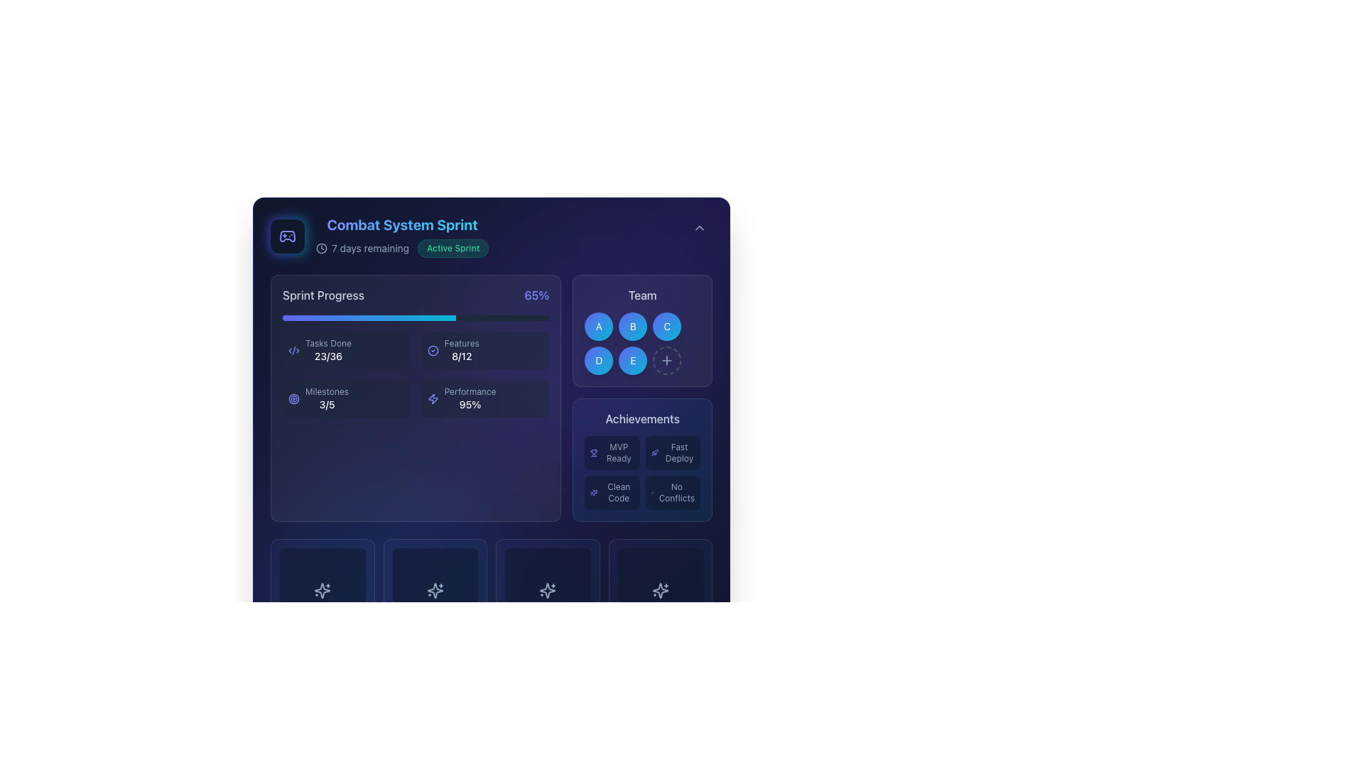 The height and width of the screenshot is (767, 1364). I want to click on the 'Features' text label located at the upper right section of the 'Sprint Progress' card, so click(462, 343).